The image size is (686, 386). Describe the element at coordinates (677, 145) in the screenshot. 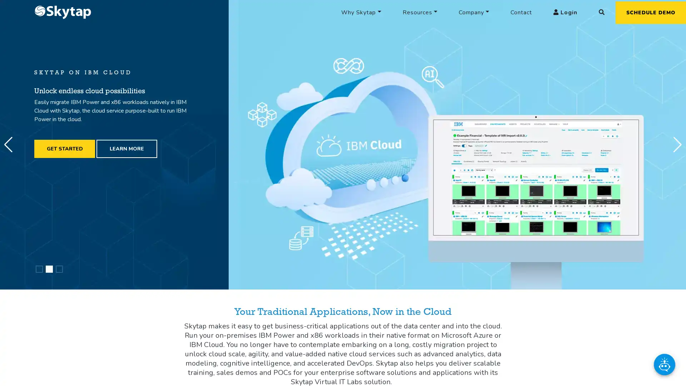

I see `Next slide` at that location.